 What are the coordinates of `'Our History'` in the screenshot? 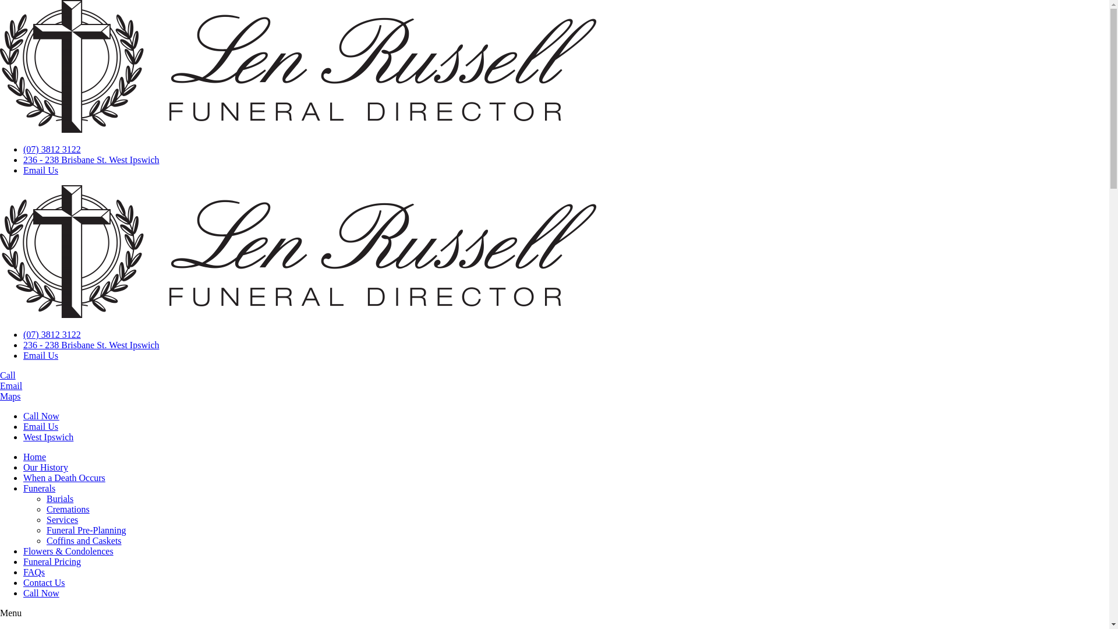 It's located at (45, 467).